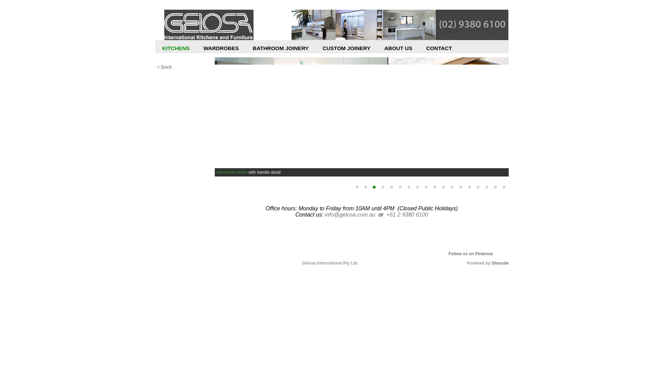  What do you see at coordinates (391, 187) in the screenshot?
I see `'5'` at bounding box center [391, 187].